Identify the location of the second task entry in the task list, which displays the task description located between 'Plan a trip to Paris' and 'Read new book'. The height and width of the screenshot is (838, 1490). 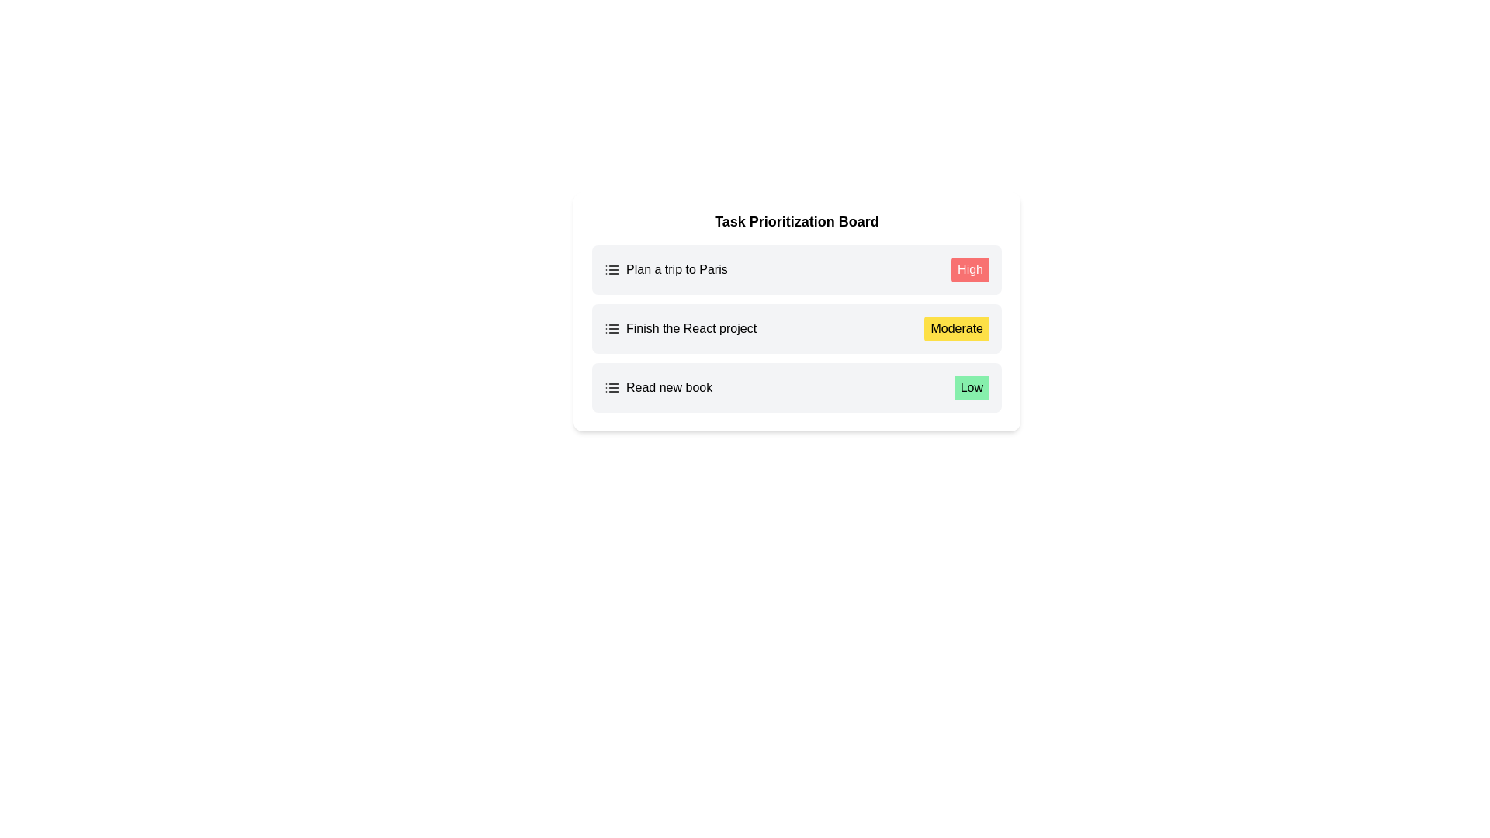
(691, 328).